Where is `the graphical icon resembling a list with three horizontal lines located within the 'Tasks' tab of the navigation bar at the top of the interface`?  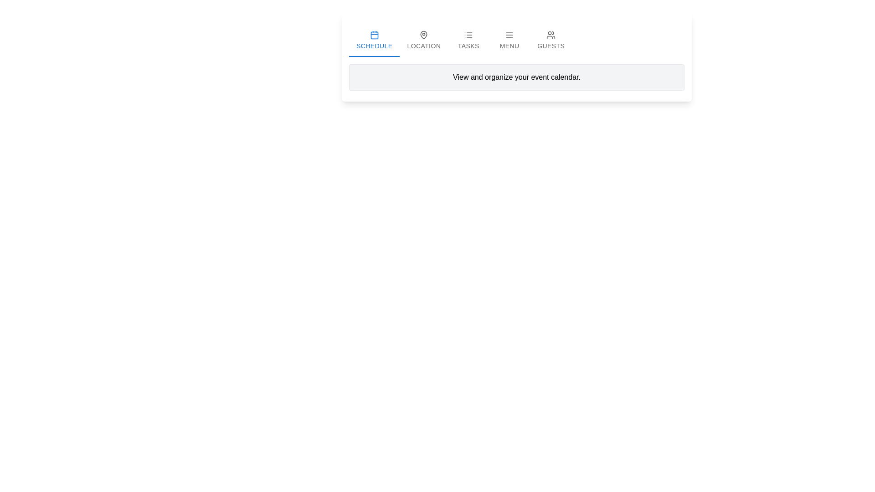 the graphical icon resembling a list with three horizontal lines located within the 'Tasks' tab of the navigation bar at the top of the interface is located at coordinates (468, 35).